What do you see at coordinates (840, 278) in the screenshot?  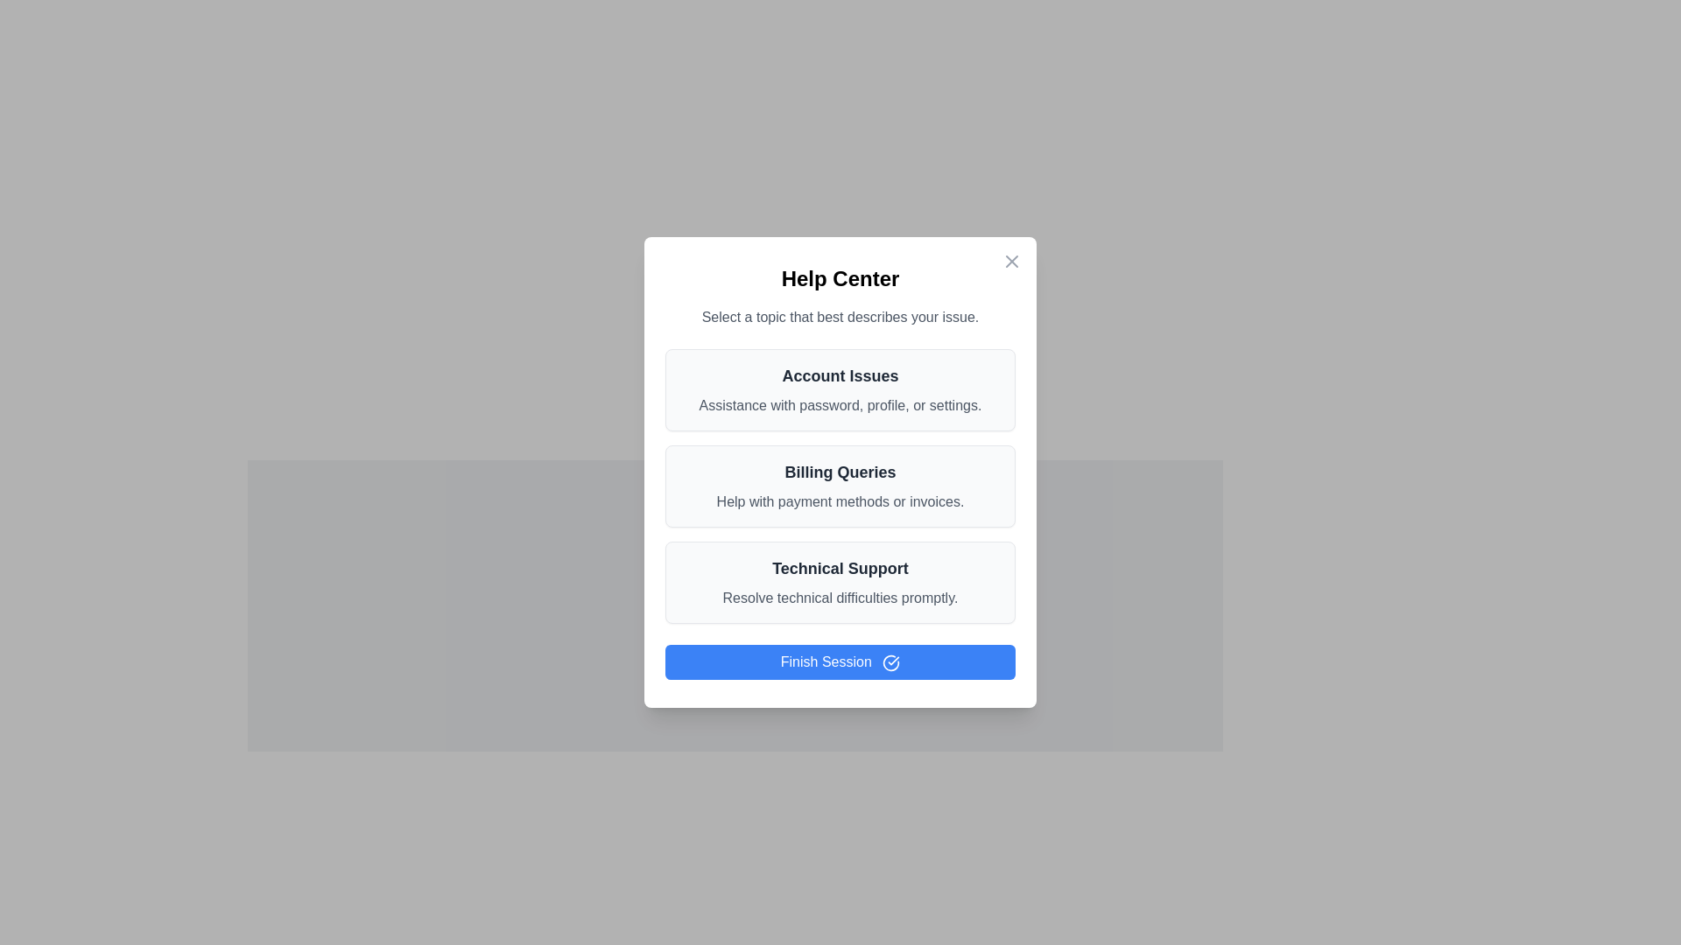 I see `the header text element that indicates the topic or category of the current interface segment, positioned at the top-centre of the modal, above the text 'Select a topic that best describes your issue.'` at bounding box center [840, 278].